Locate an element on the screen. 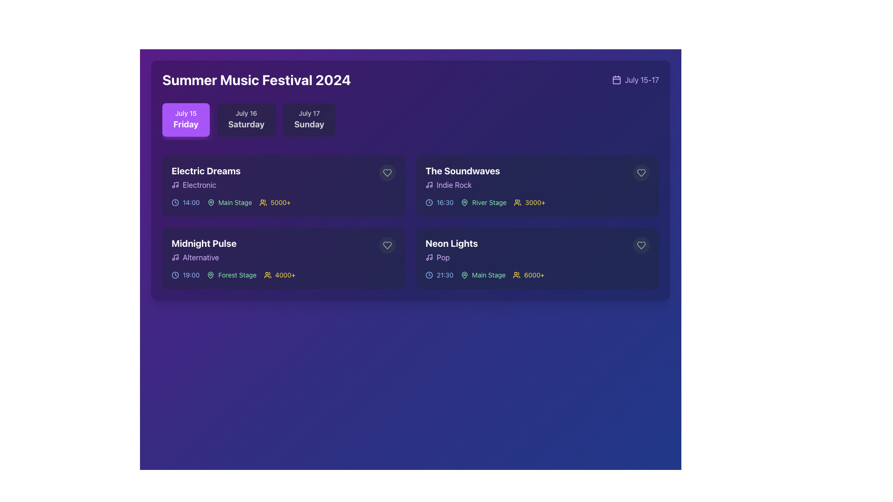 The image size is (893, 502). the yellow-colored text element reading '4000+' with the icon of a group of people, part of the 'Midnight Pulse' performance details is located at coordinates (279, 274).